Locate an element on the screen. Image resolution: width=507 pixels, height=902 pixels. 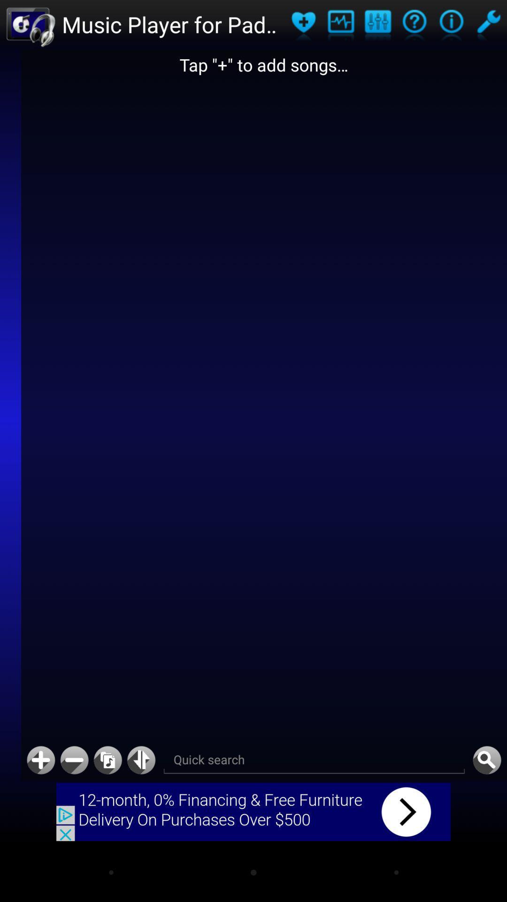
furniture advertisement is located at coordinates (253, 811).